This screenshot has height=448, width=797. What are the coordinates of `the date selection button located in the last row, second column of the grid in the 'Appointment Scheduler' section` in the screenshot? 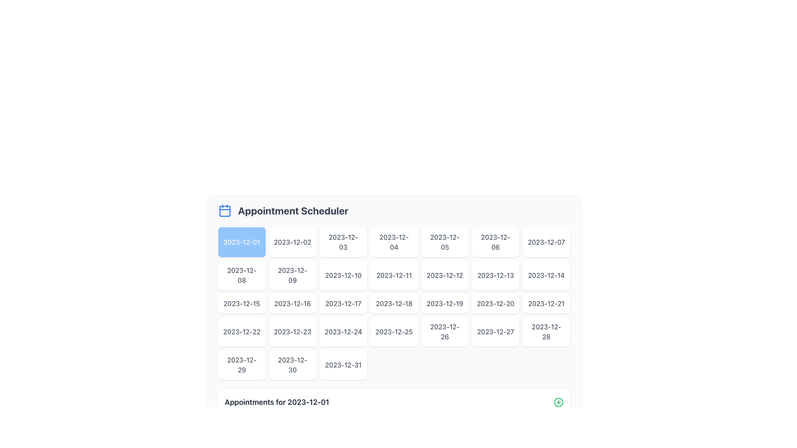 It's located at (292, 364).